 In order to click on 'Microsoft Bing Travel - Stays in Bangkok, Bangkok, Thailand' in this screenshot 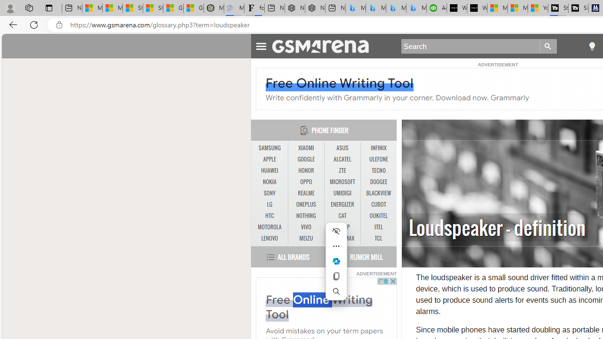, I will do `click(375, 8)`.